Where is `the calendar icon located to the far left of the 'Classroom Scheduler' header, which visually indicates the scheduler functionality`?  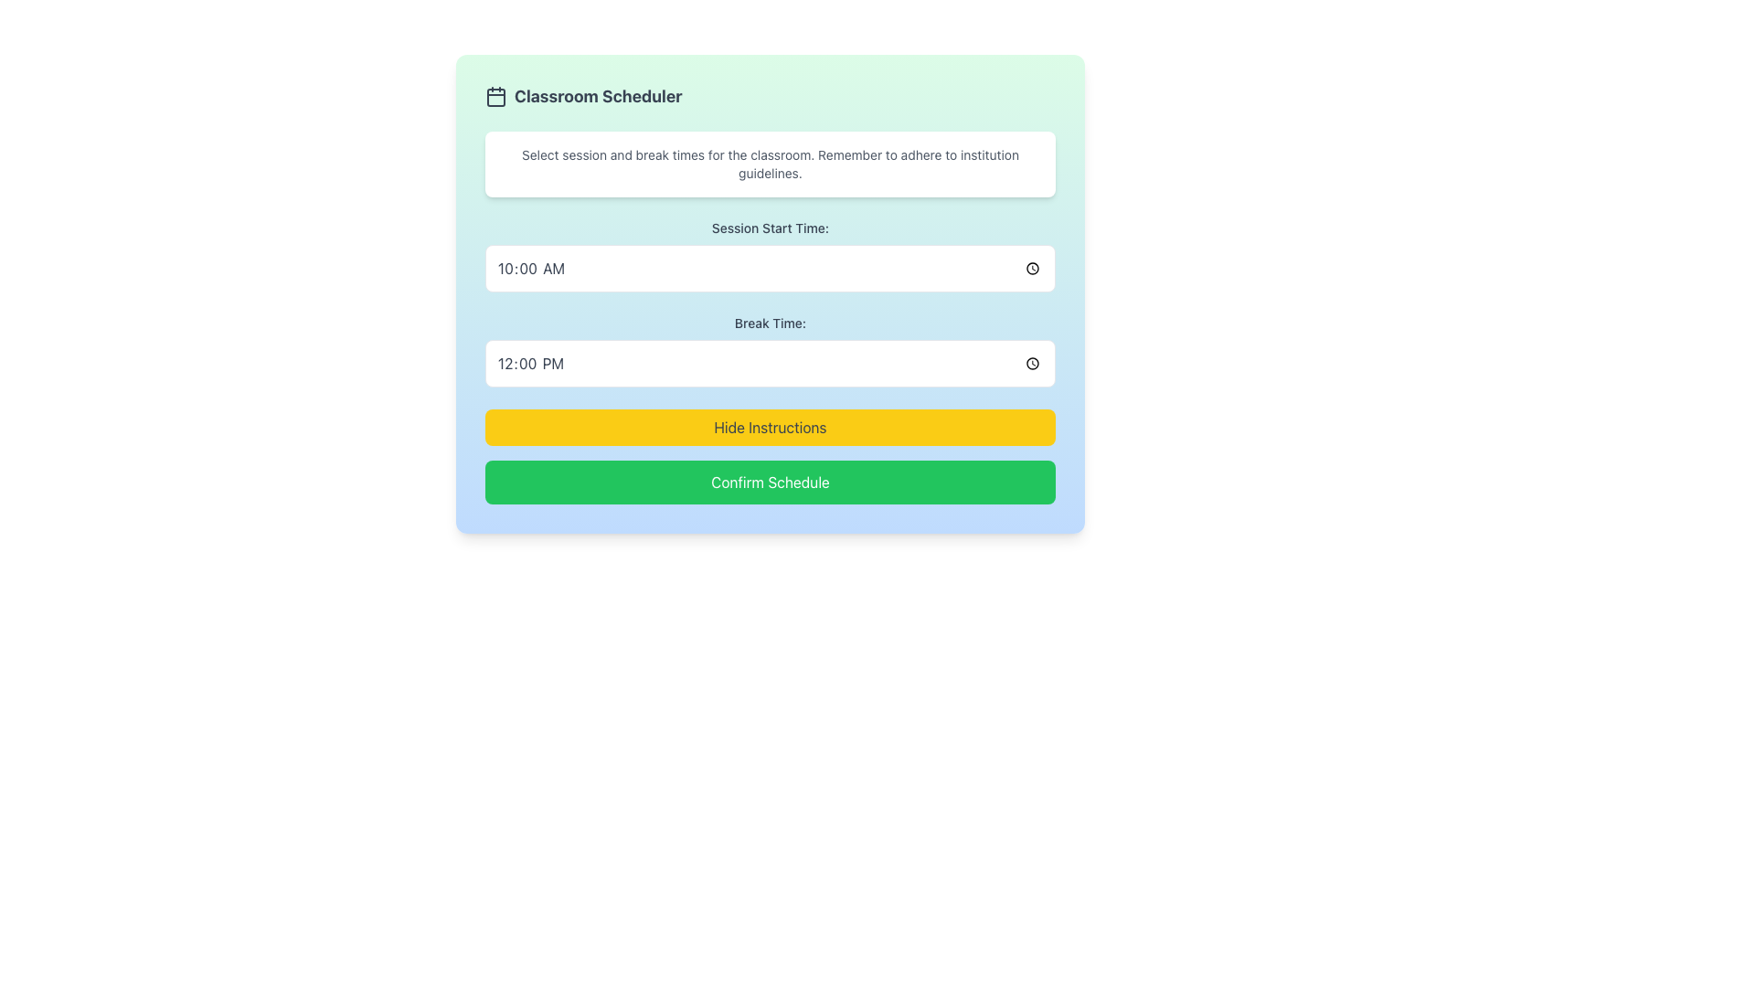
the calendar icon located to the far left of the 'Classroom Scheduler' header, which visually indicates the scheduler functionality is located at coordinates (495, 96).